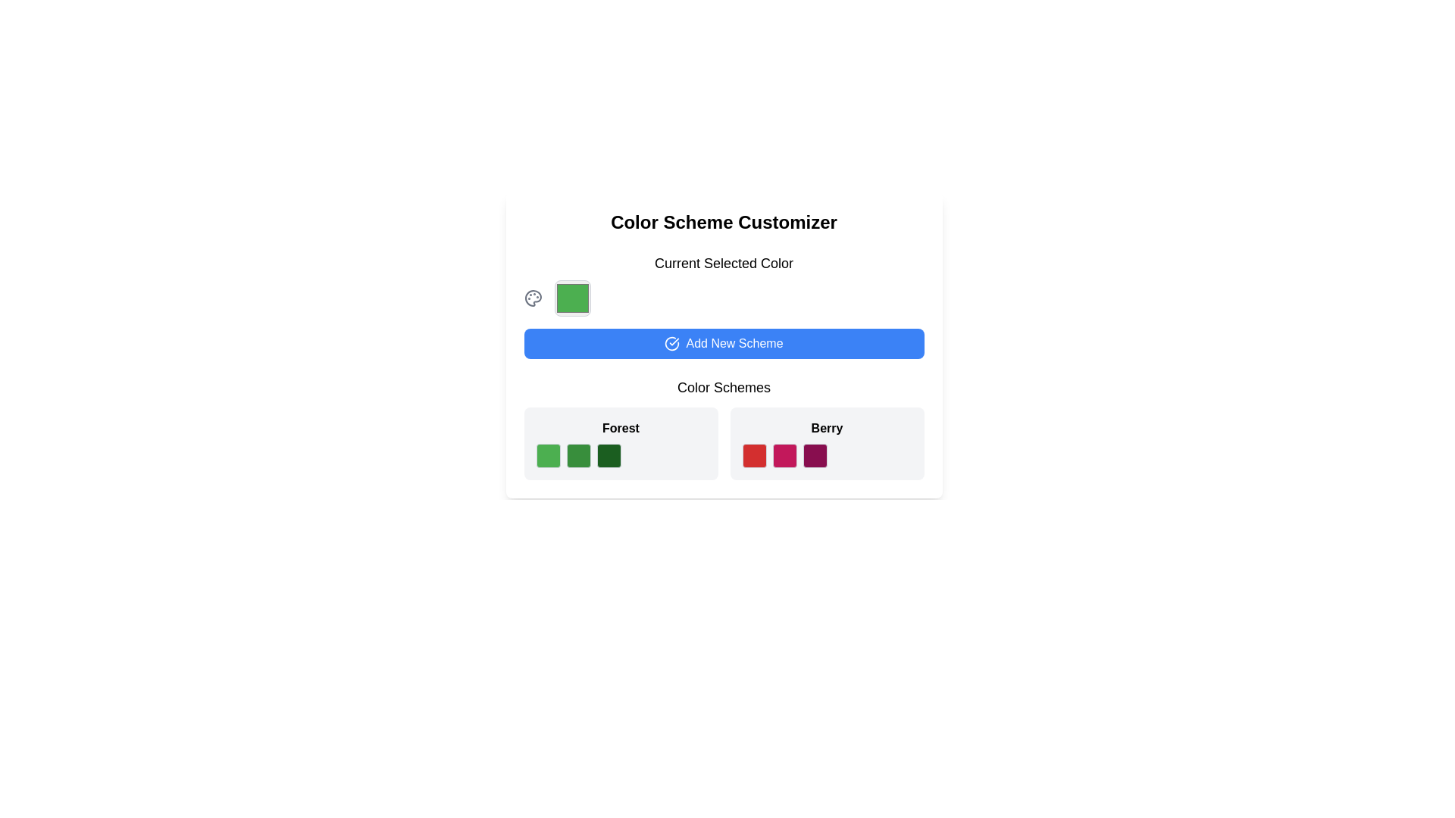 Image resolution: width=1455 pixels, height=818 pixels. I want to click on the first square color picker representing a light green color in the 'Forest' color scheme section, so click(547, 454).